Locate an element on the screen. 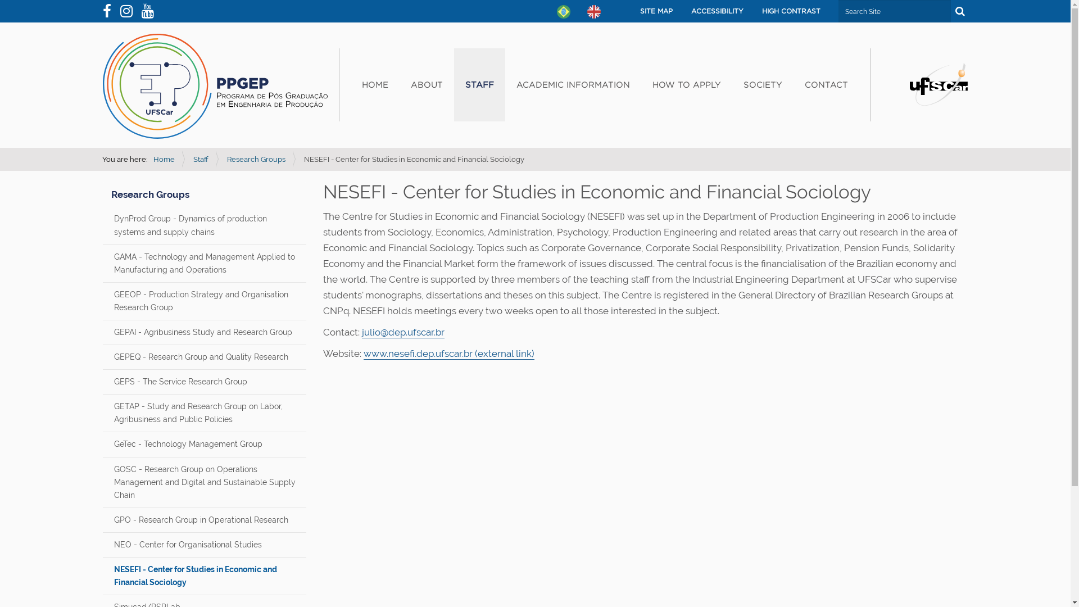  'Research Groups' is located at coordinates (149, 194).